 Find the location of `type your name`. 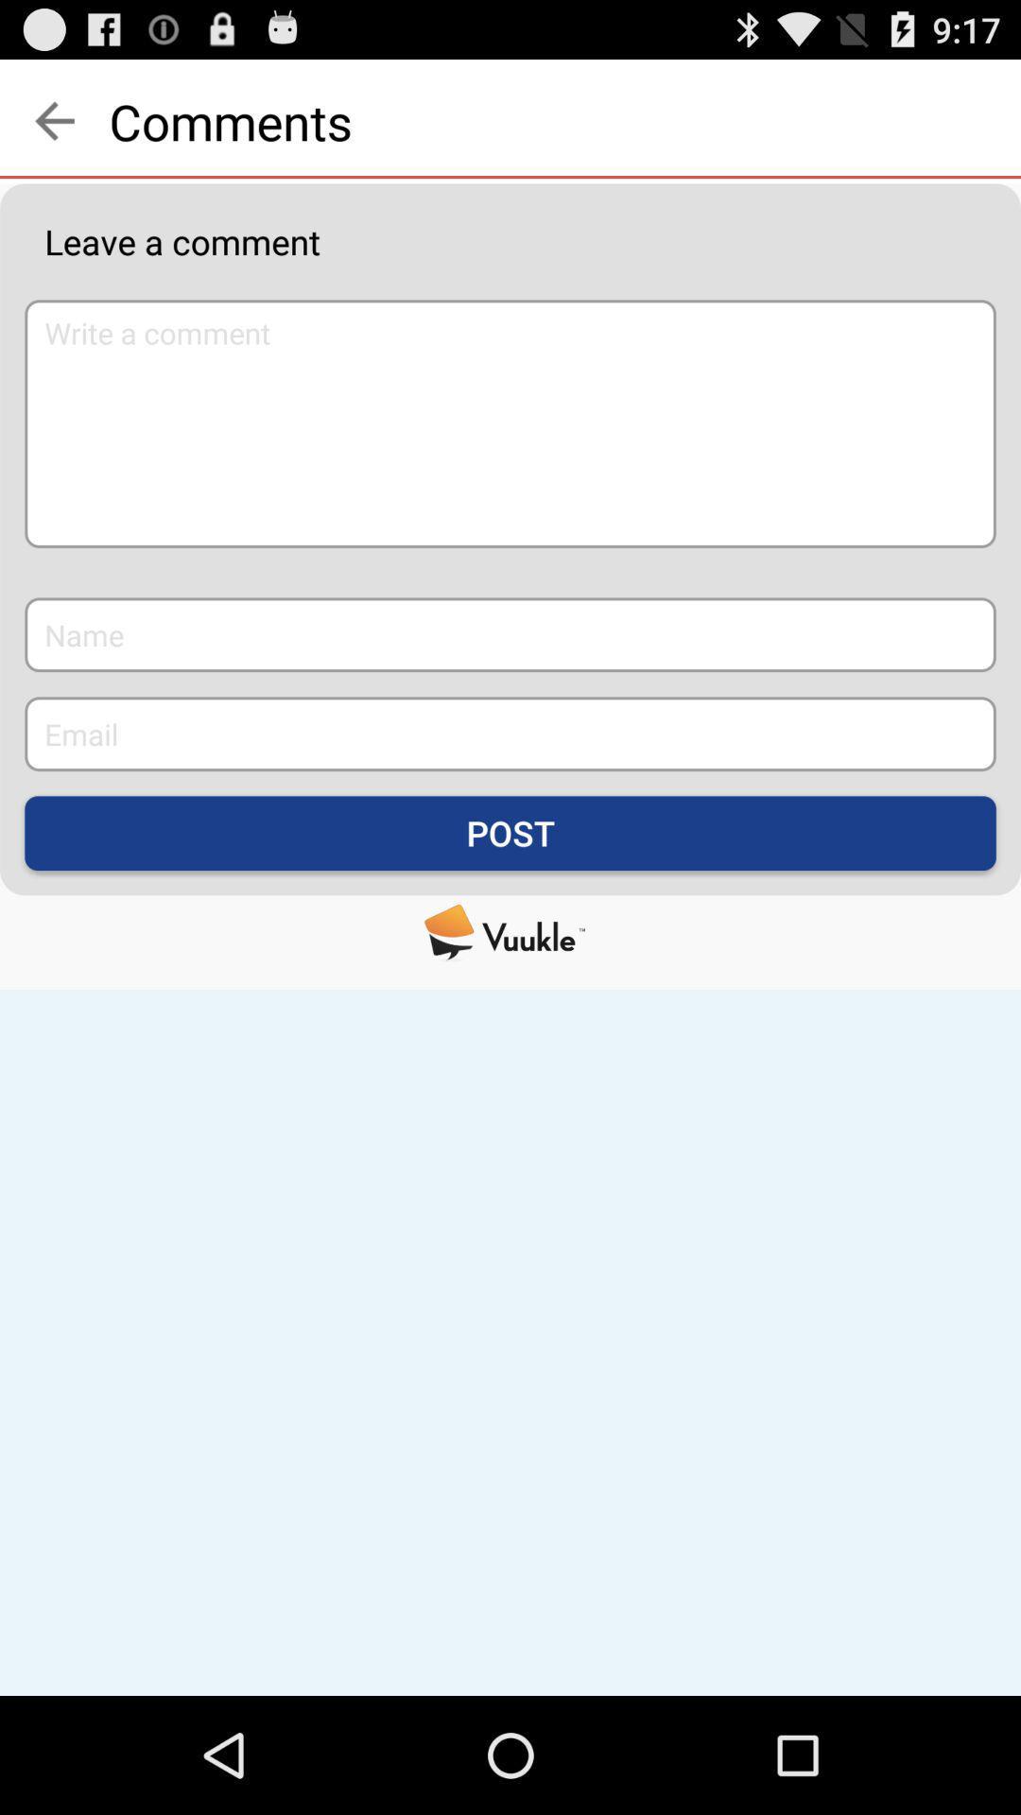

type your name is located at coordinates (510, 634).